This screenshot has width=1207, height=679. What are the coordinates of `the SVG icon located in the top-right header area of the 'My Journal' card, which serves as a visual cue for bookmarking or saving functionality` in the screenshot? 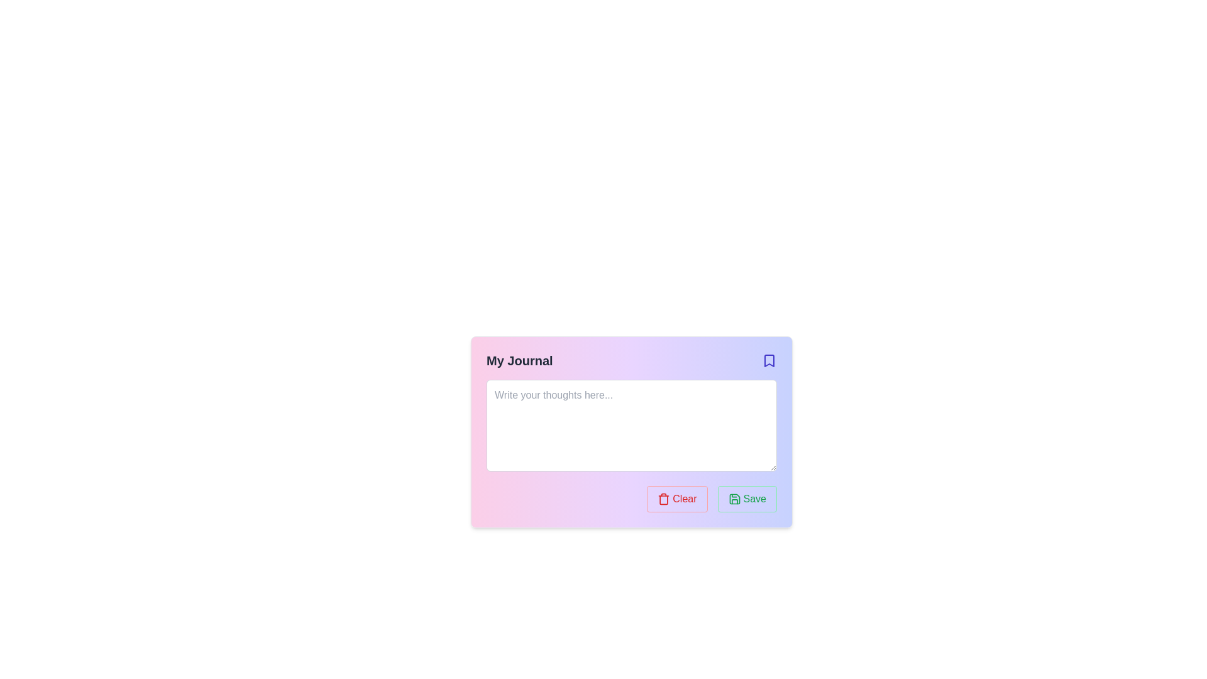 It's located at (769, 361).